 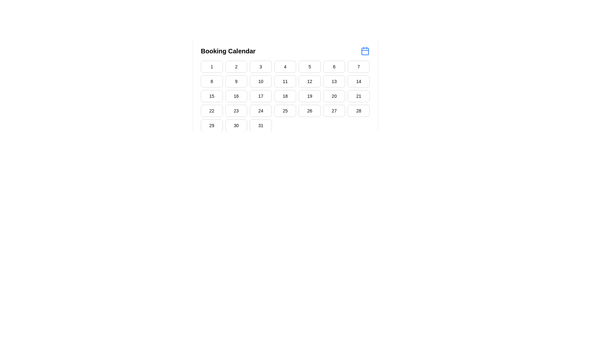 What do you see at coordinates (261, 96) in the screenshot?
I see `the button labeled '17'` at bounding box center [261, 96].